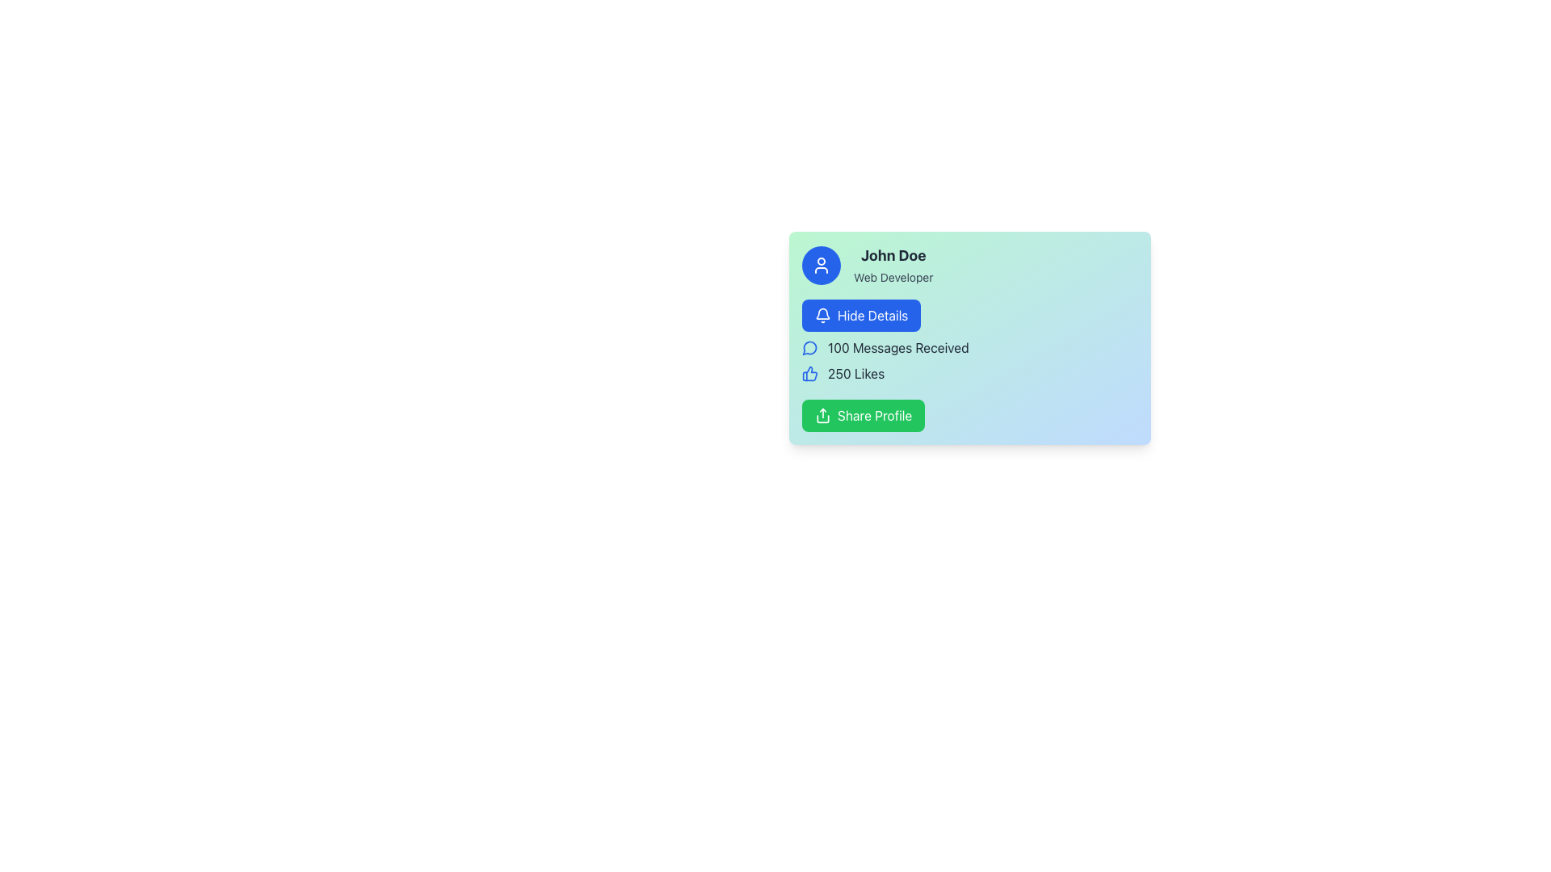 The image size is (1551, 872). I want to click on the share button located at the bottom of the profile card, so click(863, 415).